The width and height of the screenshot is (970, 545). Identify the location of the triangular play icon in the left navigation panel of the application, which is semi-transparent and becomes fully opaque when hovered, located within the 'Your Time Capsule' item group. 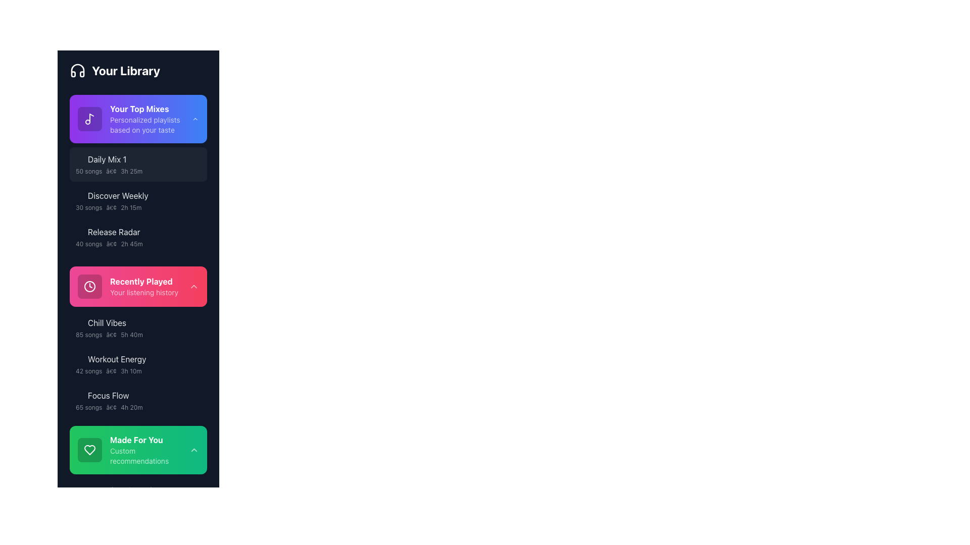
(79, 490).